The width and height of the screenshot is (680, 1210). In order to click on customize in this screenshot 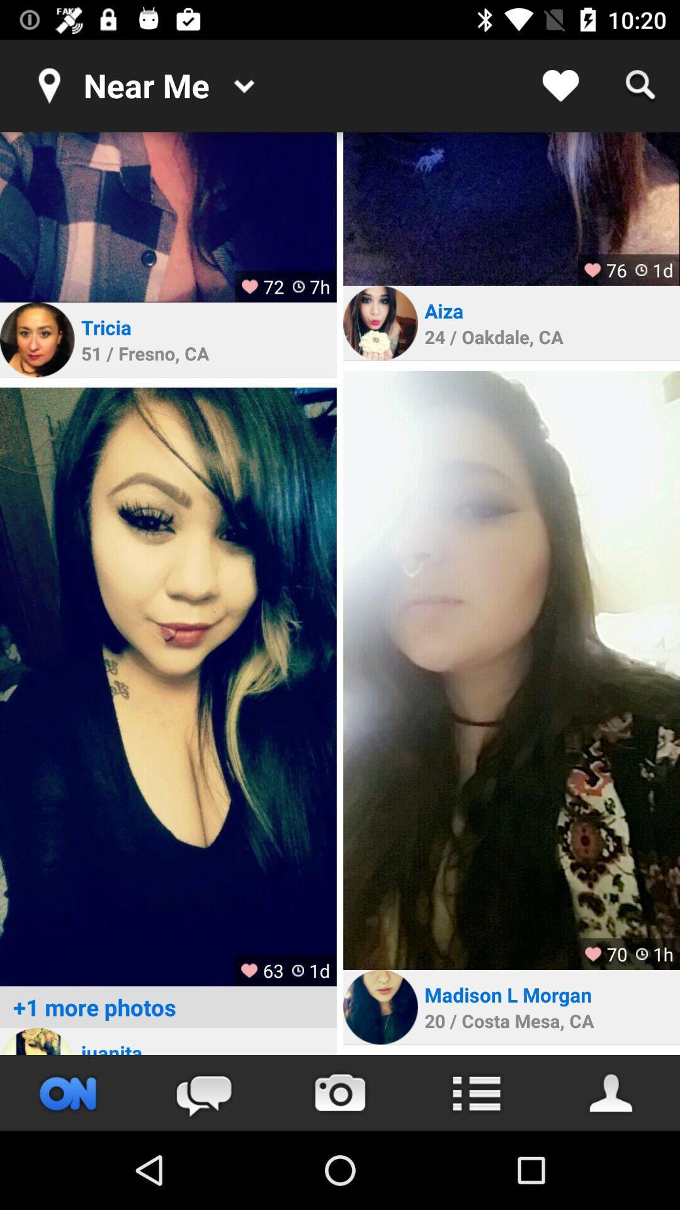, I will do `click(476, 1092)`.